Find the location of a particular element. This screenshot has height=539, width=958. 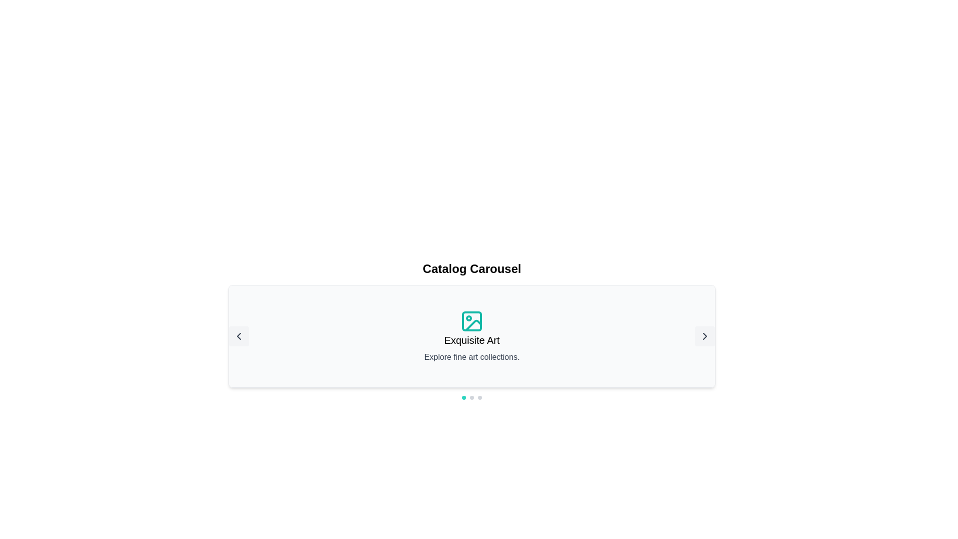

the left-pointing chevron icon inside the rounded square navigation button is located at coordinates (239, 336).